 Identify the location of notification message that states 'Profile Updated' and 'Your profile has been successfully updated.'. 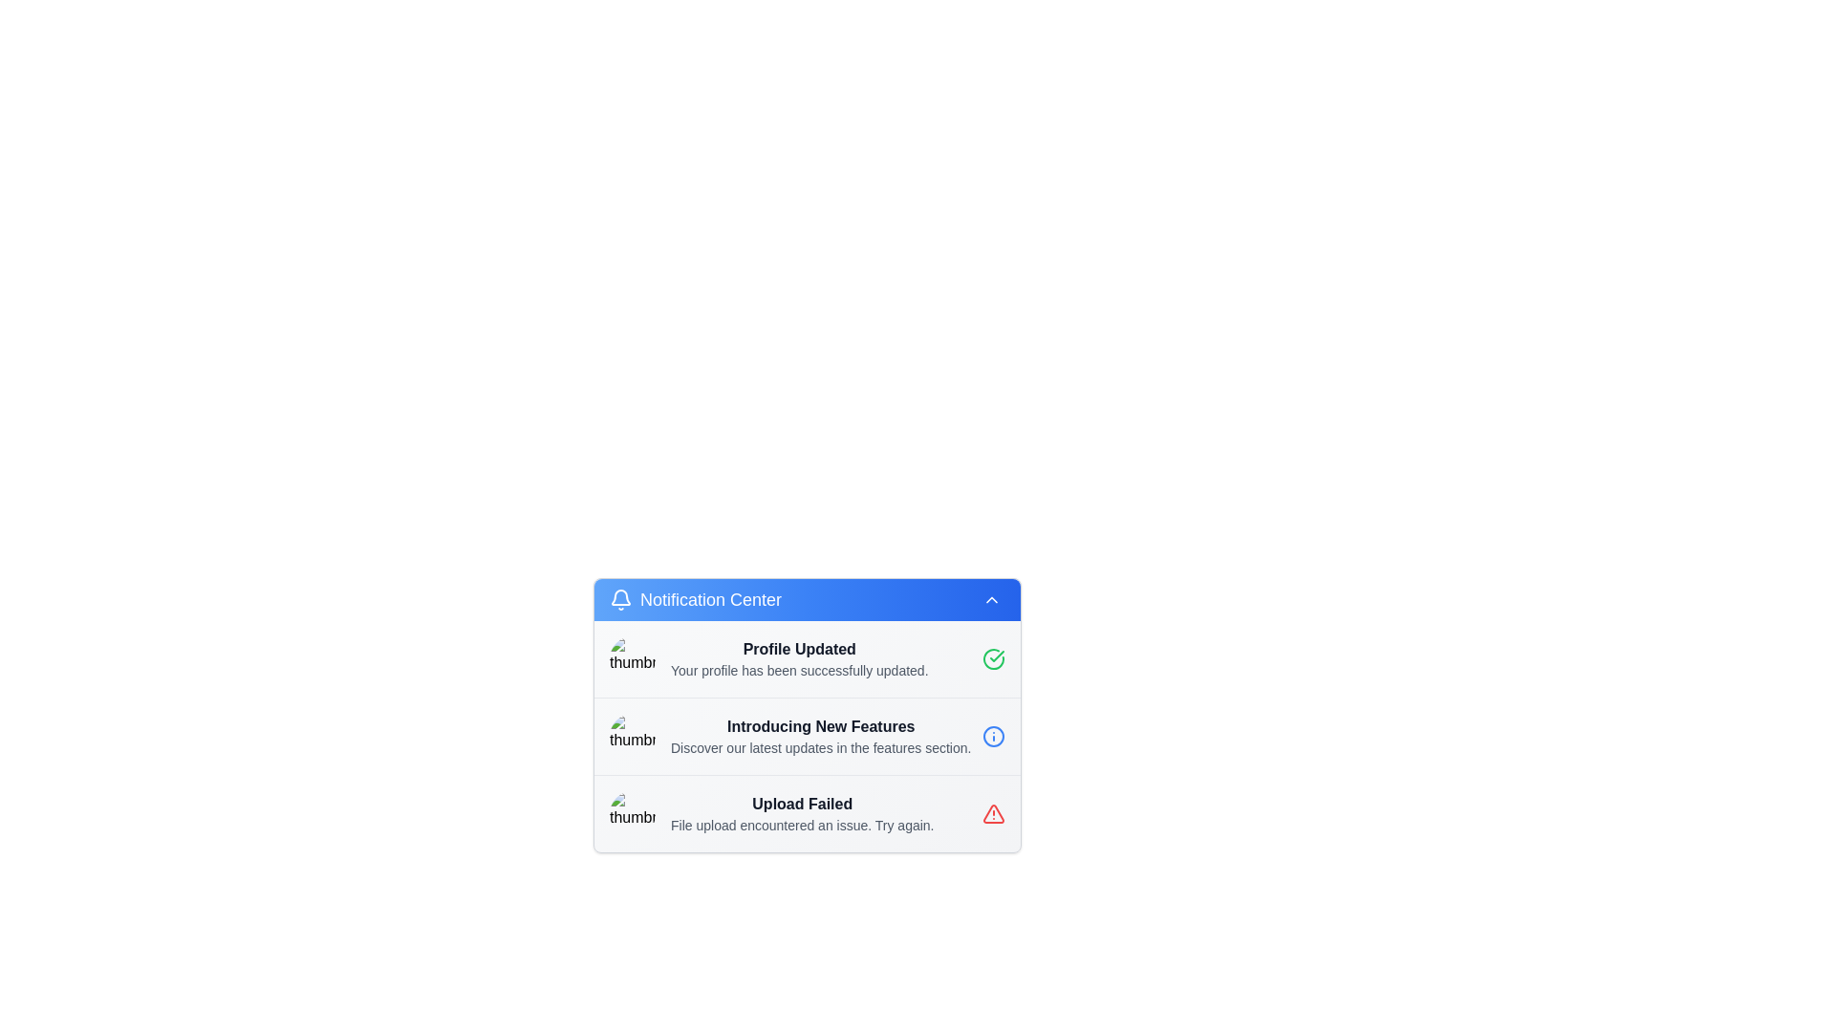
(799, 658).